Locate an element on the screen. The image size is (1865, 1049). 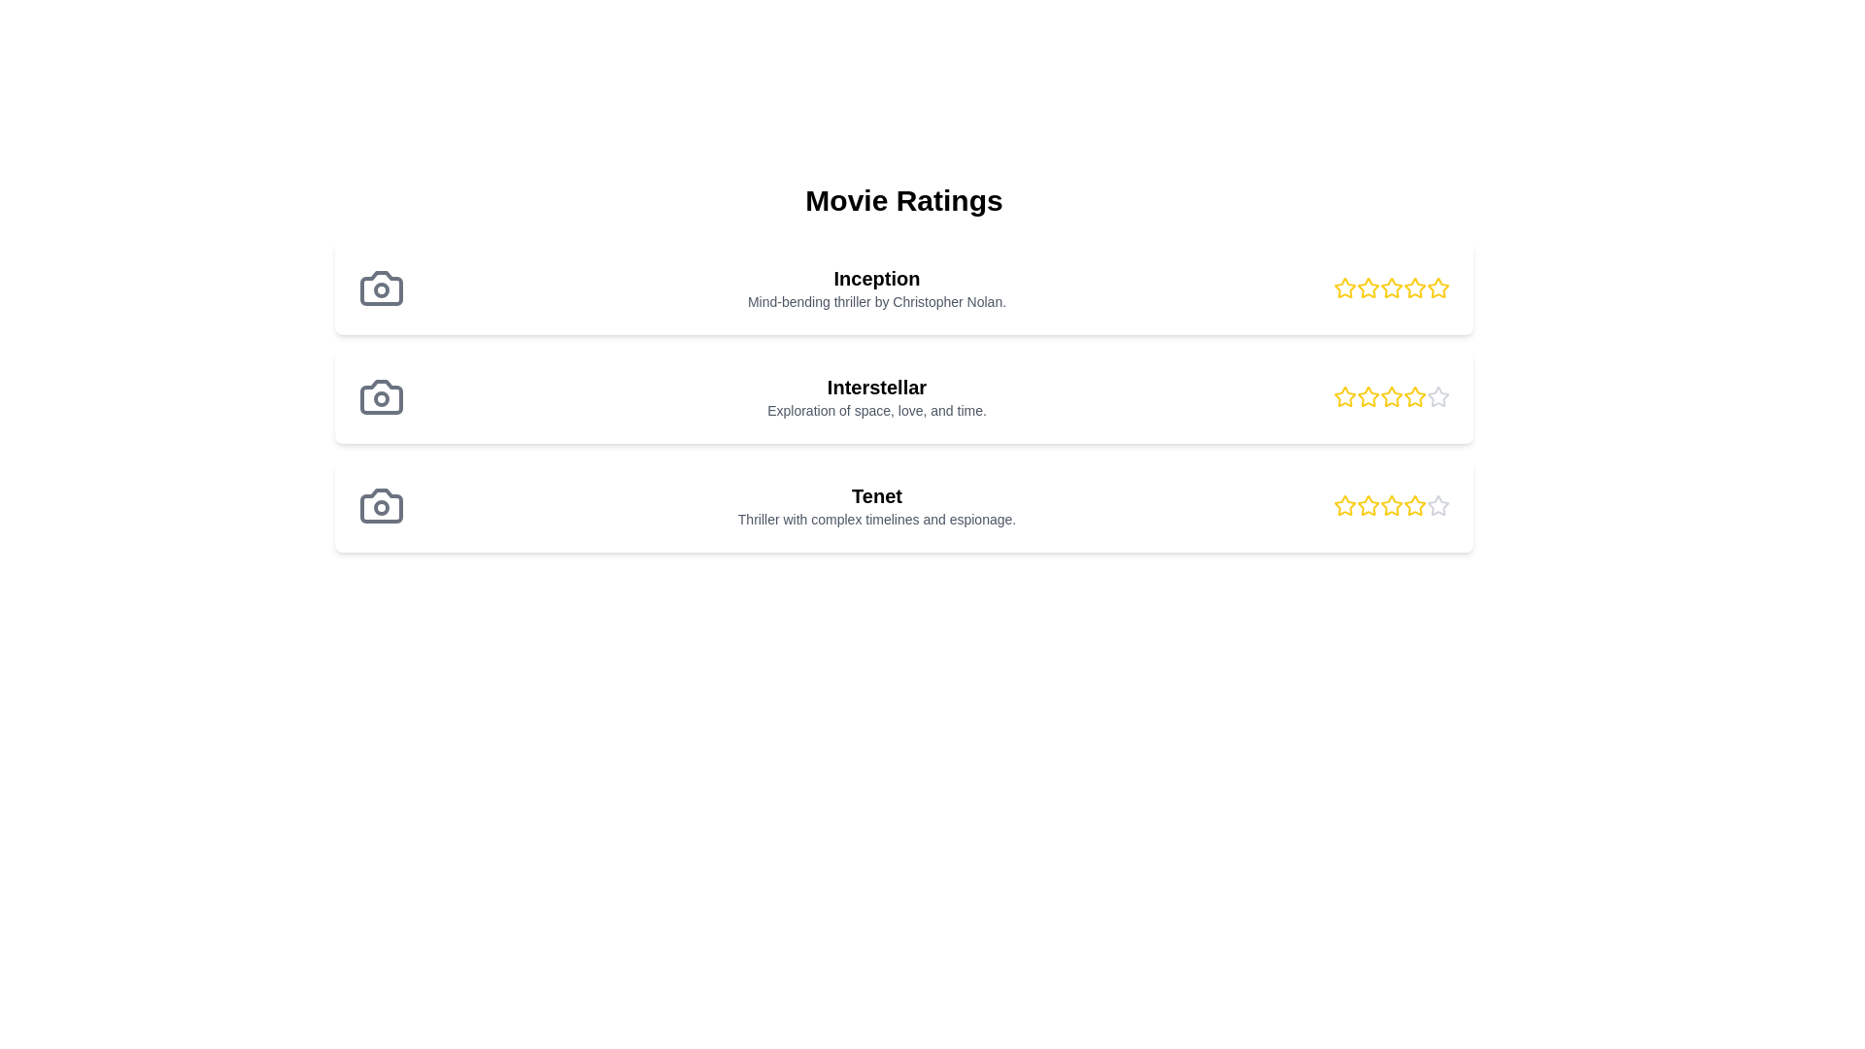
the first yellow star icon in the rating row under the movie 'Tenet' is located at coordinates (1344, 504).